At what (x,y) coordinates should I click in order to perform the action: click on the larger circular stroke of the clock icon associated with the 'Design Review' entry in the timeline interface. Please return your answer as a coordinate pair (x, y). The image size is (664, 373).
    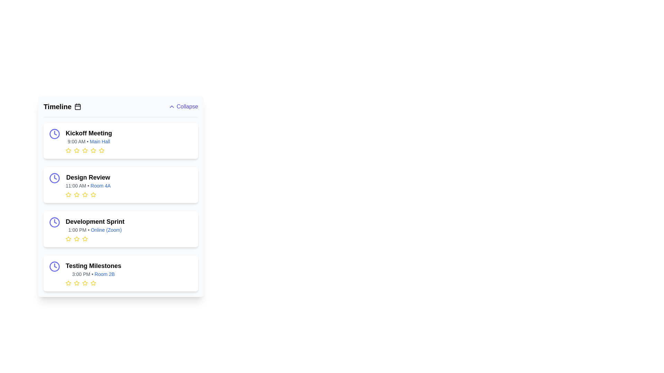
    Looking at the image, I should click on (54, 178).